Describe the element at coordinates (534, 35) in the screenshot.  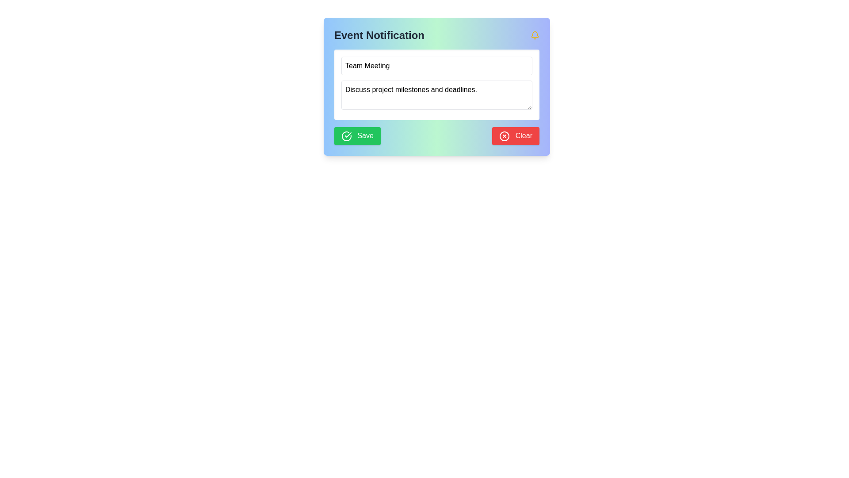
I see `the small bell icon with a yellow outline located at the top right corner of the 'Event Notification' panel` at that location.